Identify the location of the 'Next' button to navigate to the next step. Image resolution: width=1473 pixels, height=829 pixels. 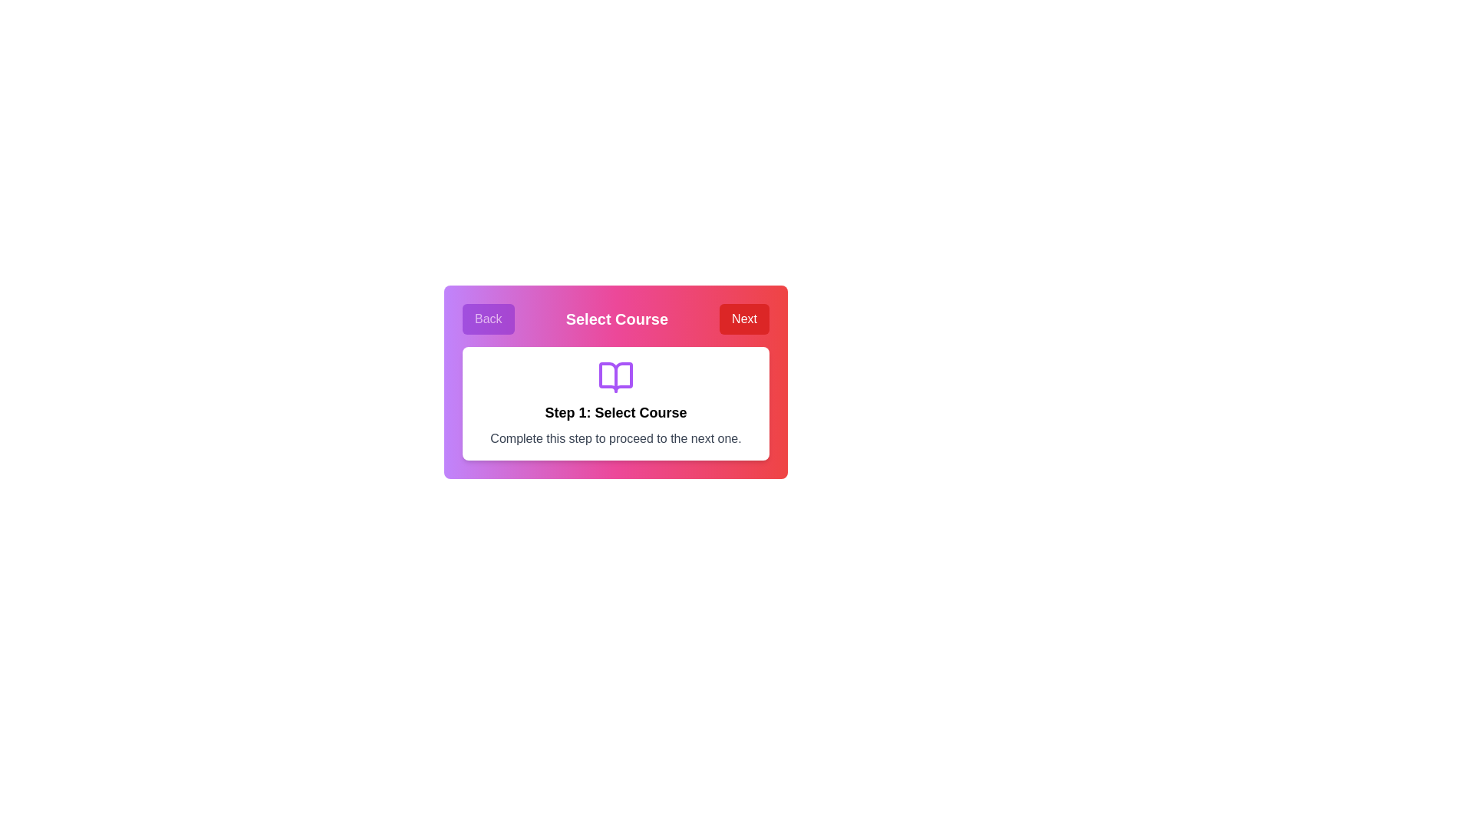
(743, 319).